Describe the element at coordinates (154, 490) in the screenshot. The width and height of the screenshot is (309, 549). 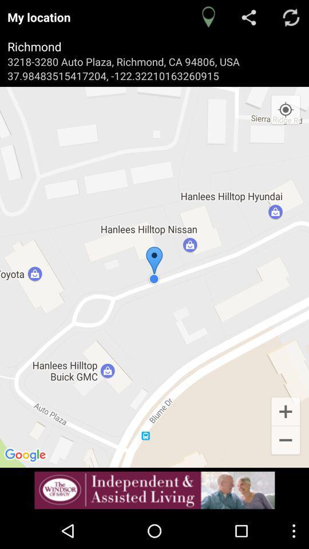
I see `open advertisement` at that location.